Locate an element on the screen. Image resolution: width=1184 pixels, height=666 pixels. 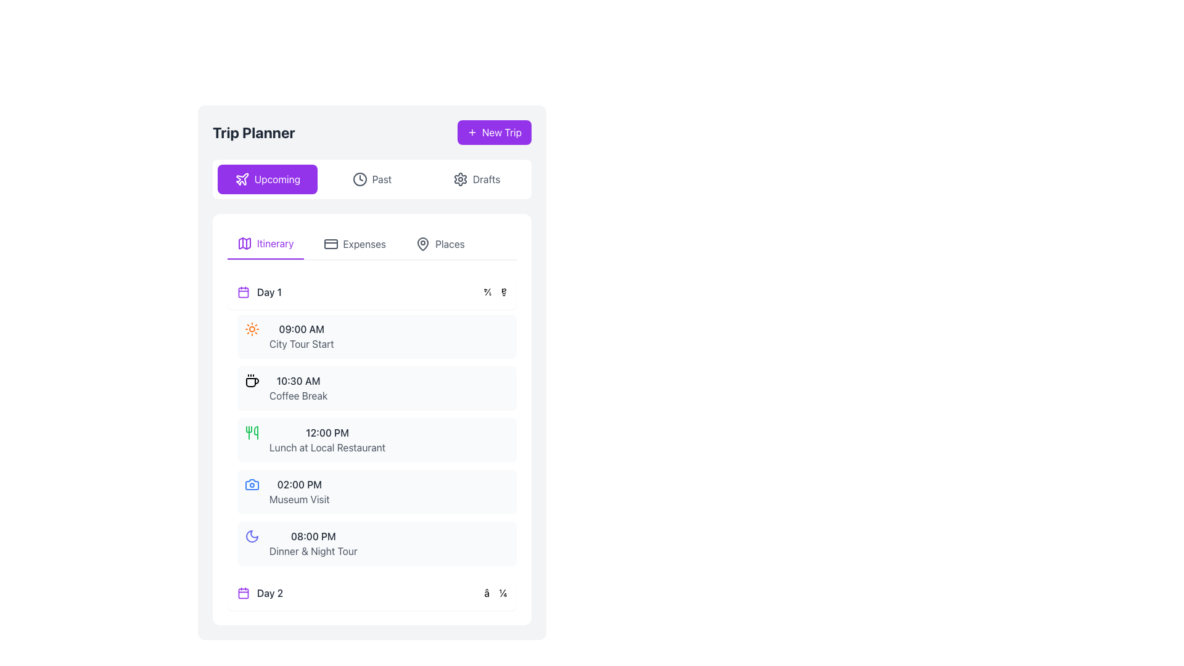
the text label displaying '02:00 PM' in gray, located in the 'Itinerary' section under 'Day 1', above 'Museum Visit' is located at coordinates (299, 484).